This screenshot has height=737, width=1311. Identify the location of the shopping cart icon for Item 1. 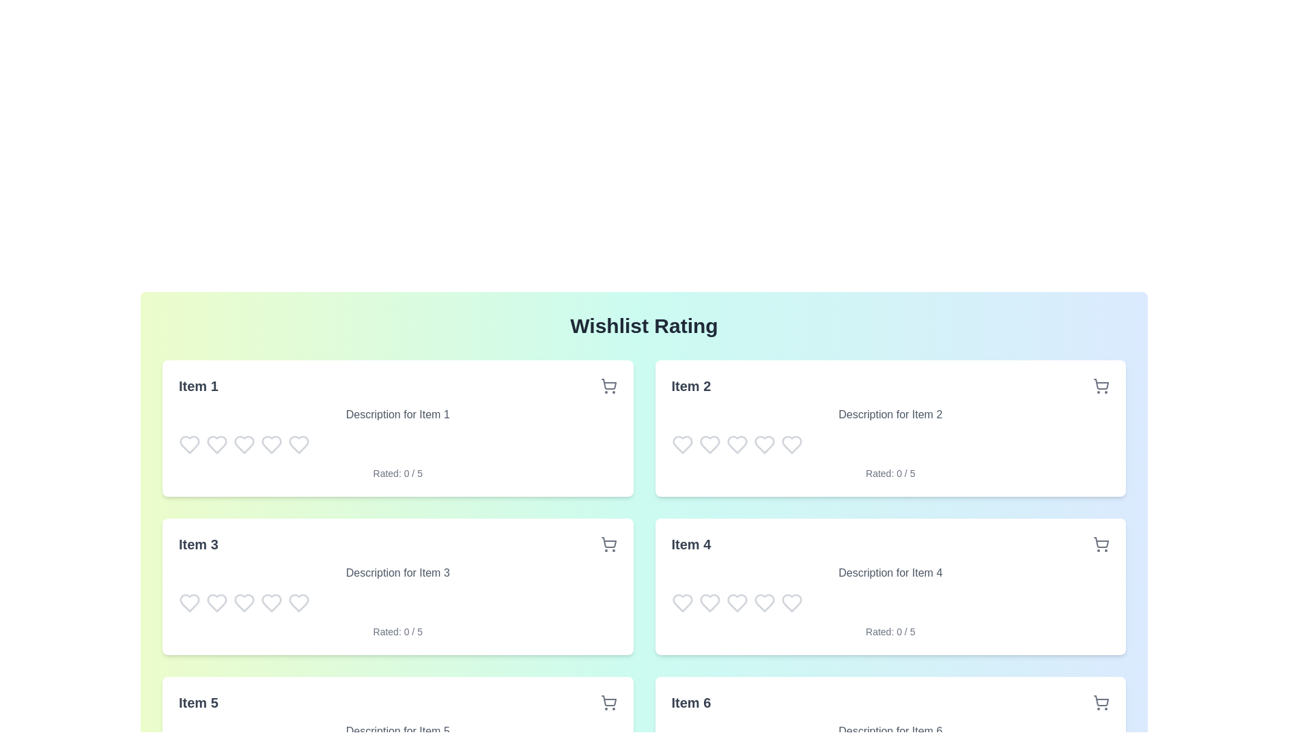
(608, 386).